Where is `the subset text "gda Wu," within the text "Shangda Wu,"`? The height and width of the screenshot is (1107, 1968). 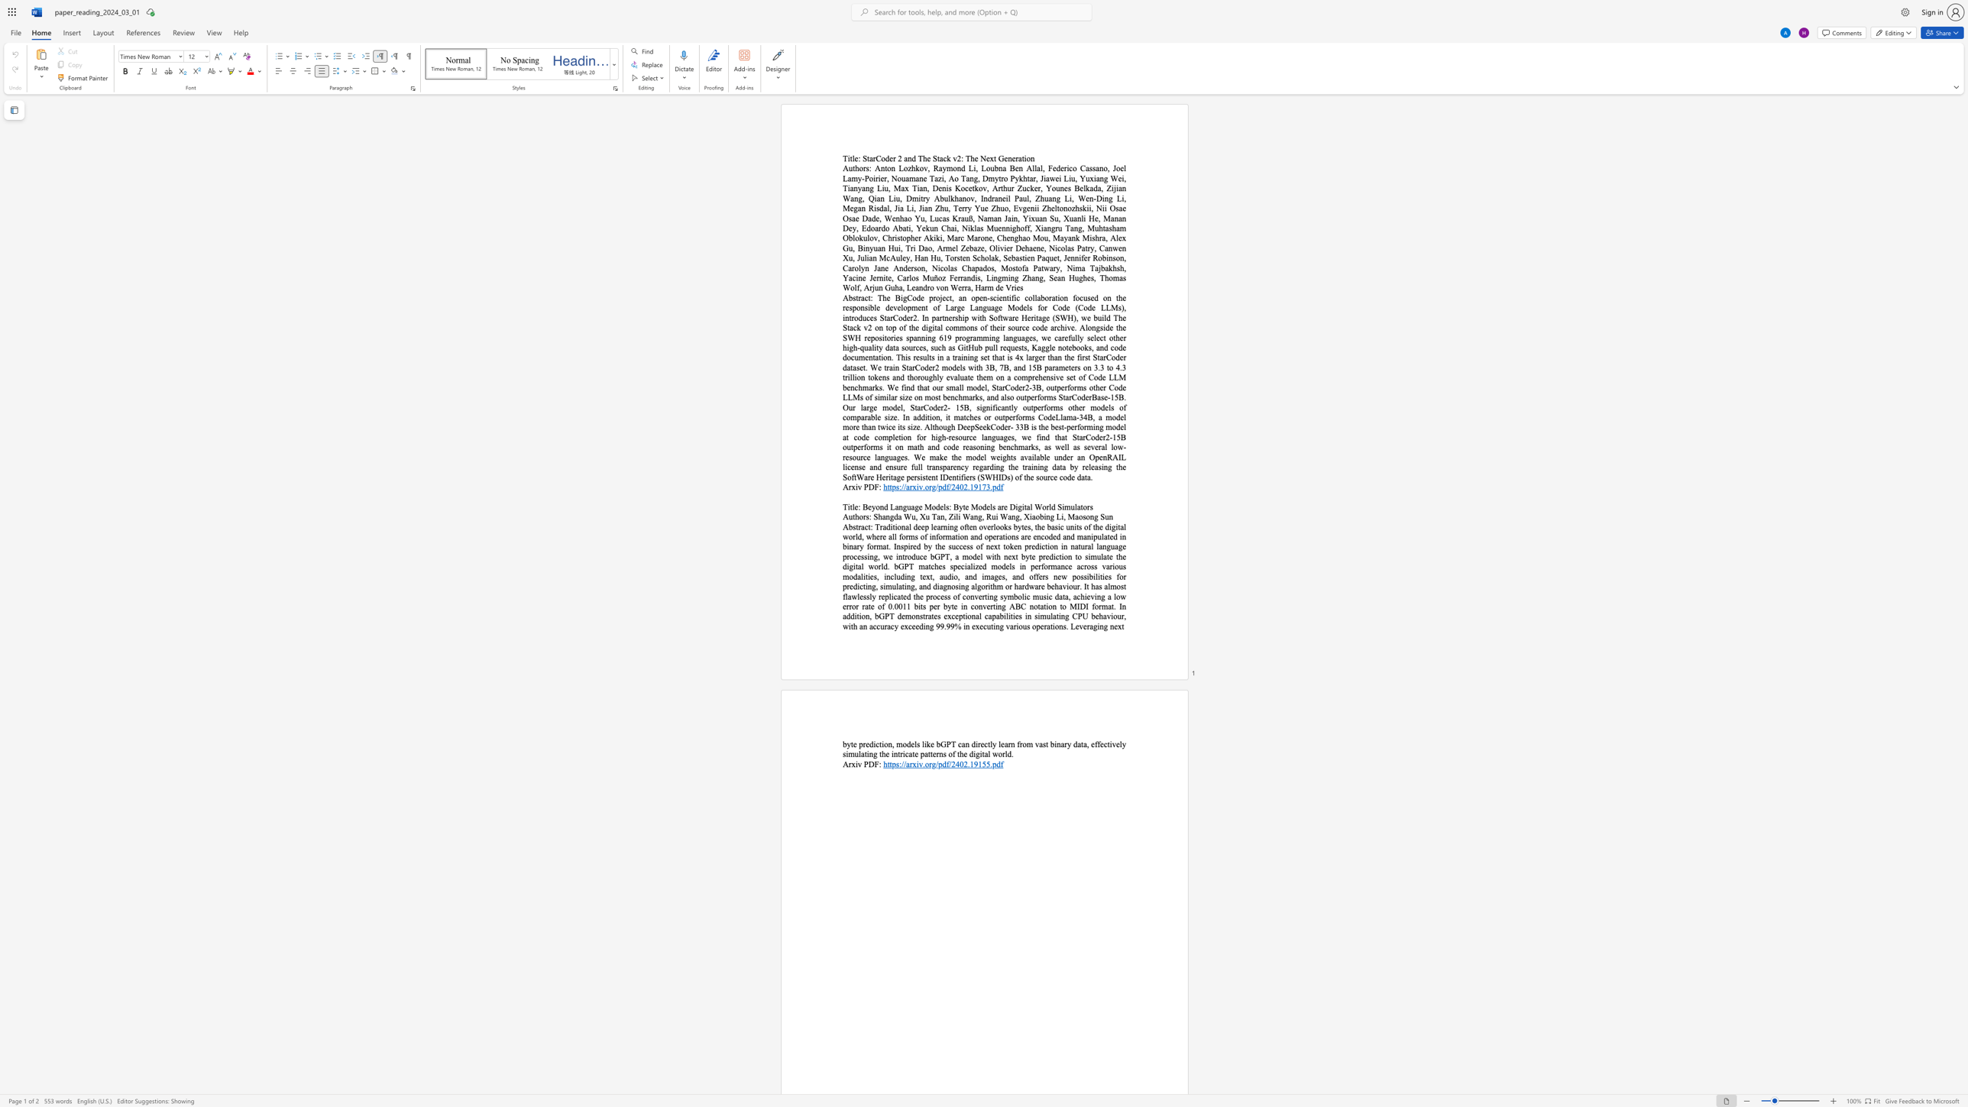 the subset text "gda Wu," within the text "Shangda Wu," is located at coordinates (889, 516).